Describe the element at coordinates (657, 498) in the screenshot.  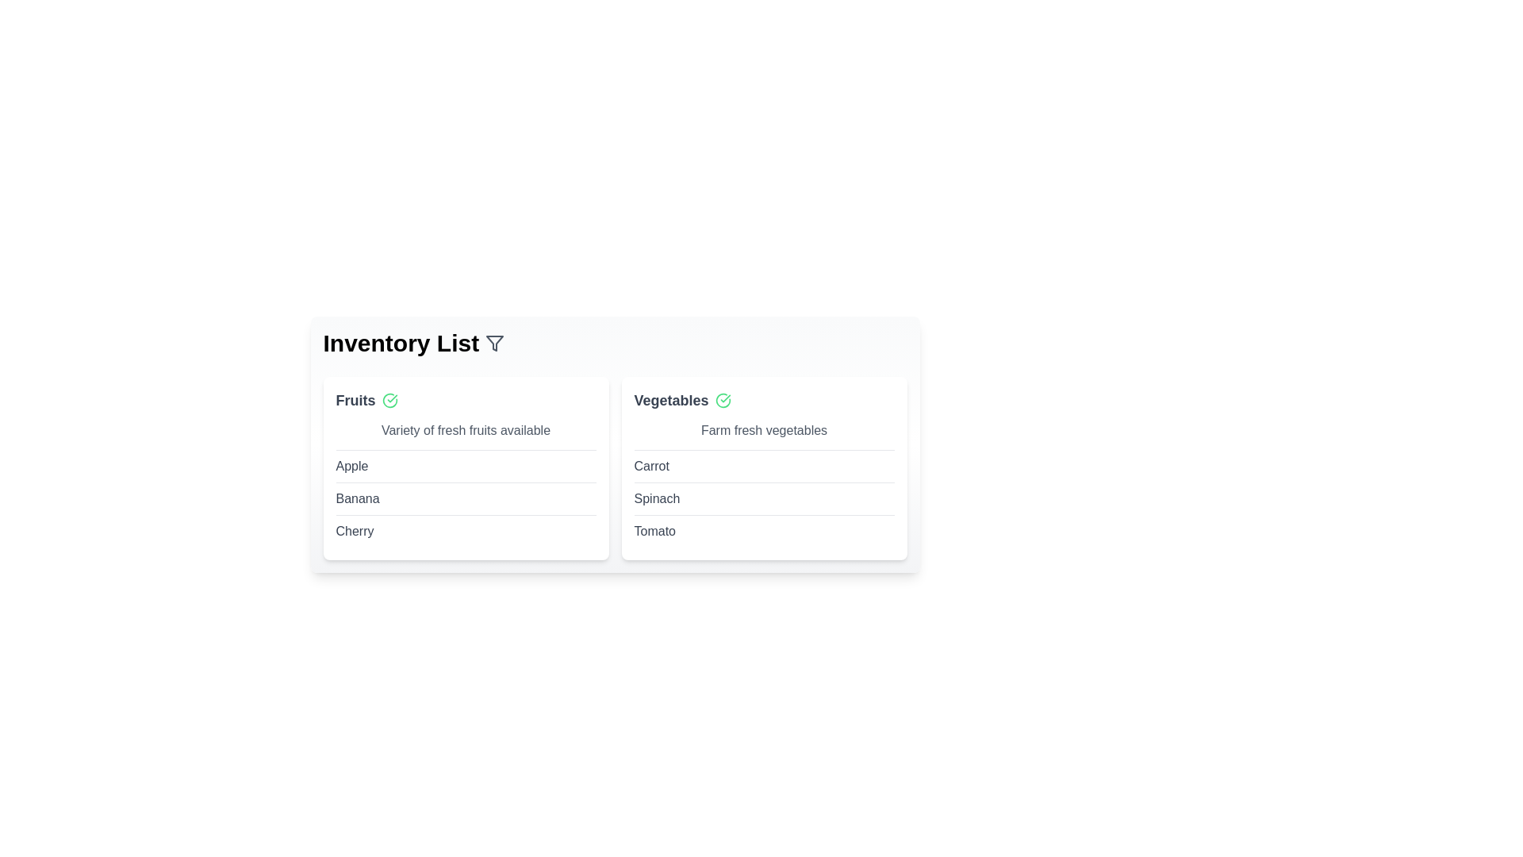
I see `the item Spinach to check for context menu options` at that location.